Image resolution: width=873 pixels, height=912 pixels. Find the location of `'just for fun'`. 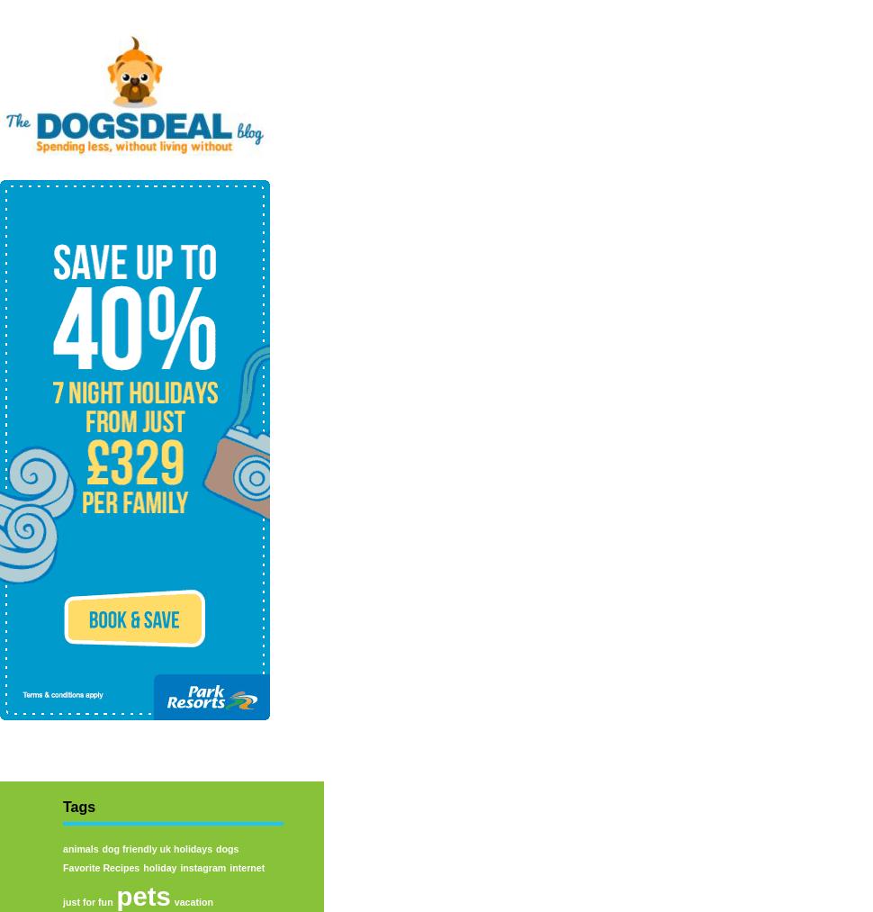

'just for fun' is located at coordinates (87, 901).